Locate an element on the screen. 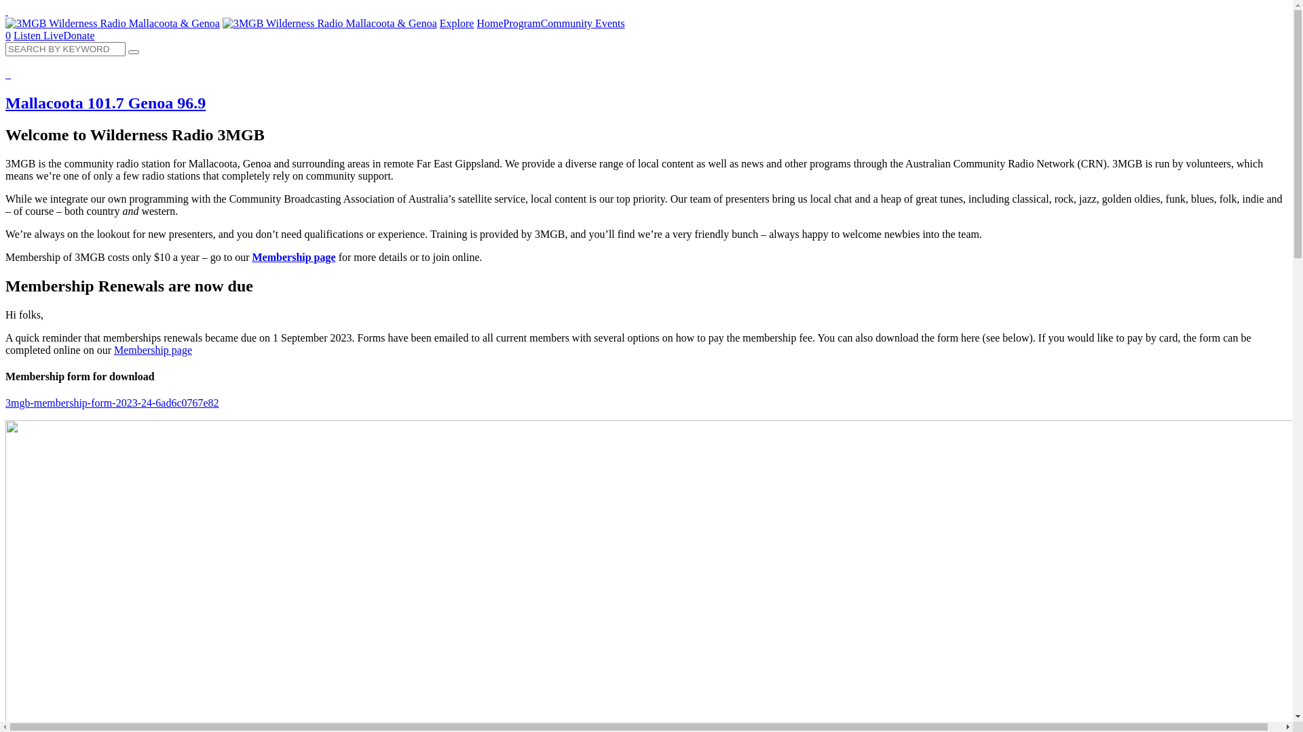  'Explore' is located at coordinates (457, 23).